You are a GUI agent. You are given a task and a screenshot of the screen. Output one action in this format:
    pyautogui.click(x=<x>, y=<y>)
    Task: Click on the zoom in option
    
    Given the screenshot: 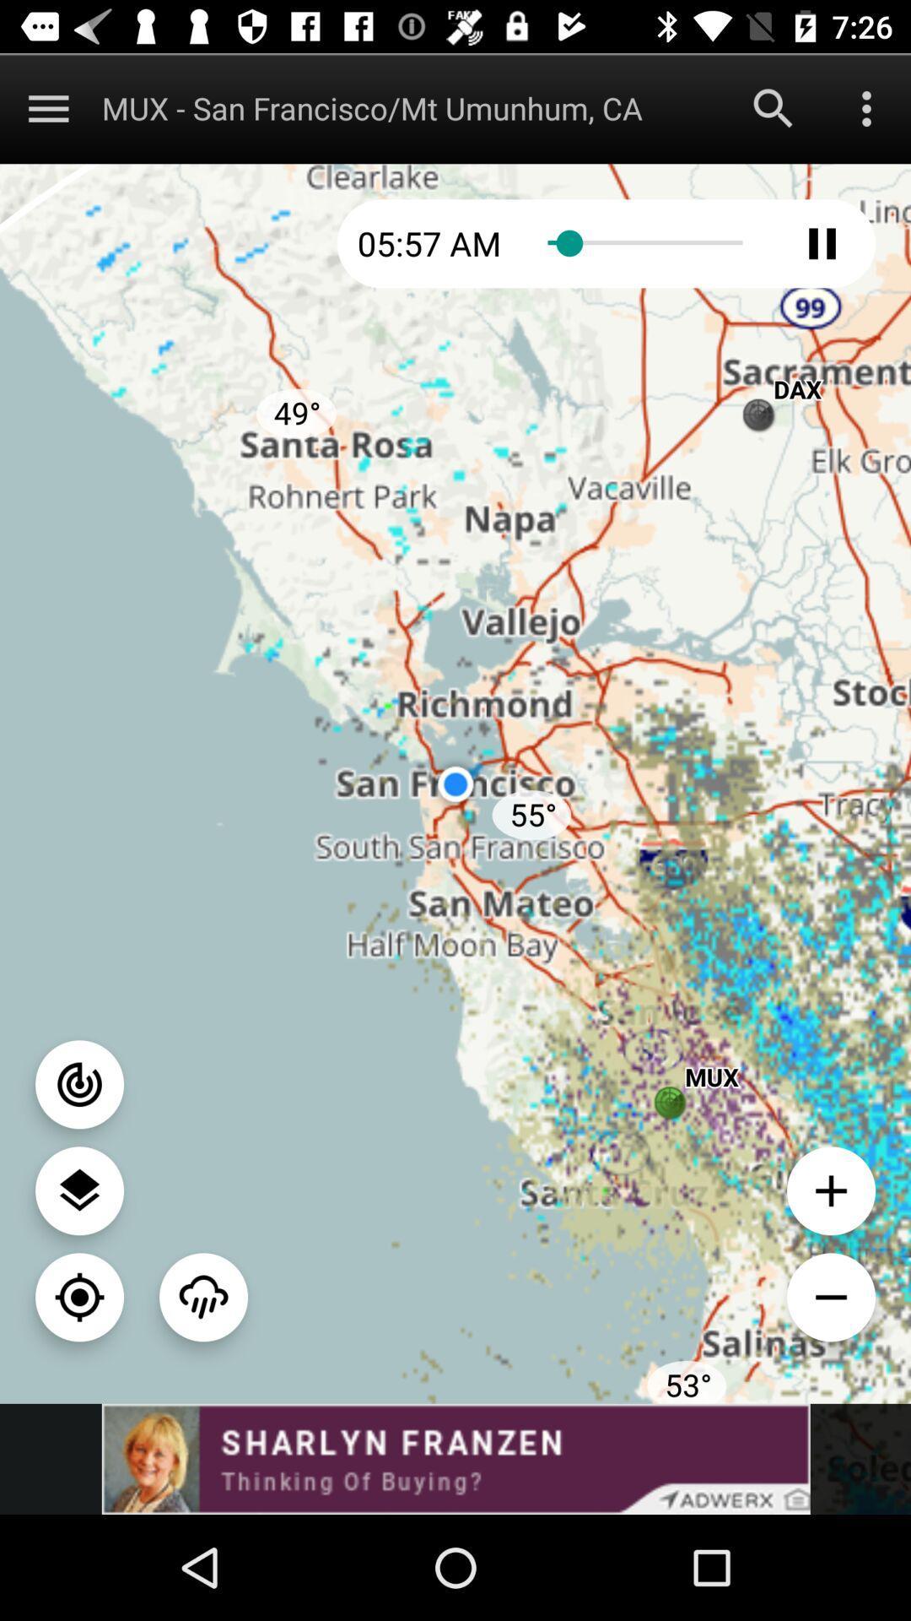 What is the action you would take?
    pyautogui.click(x=830, y=1190)
    